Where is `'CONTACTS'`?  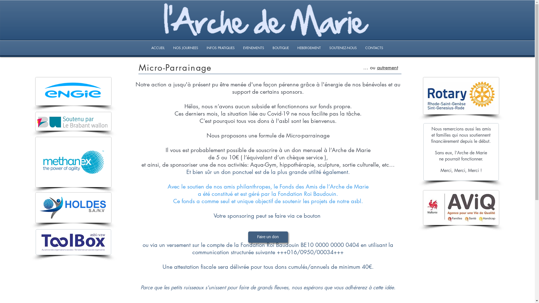 'CONTACTS' is located at coordinates (374, 47).